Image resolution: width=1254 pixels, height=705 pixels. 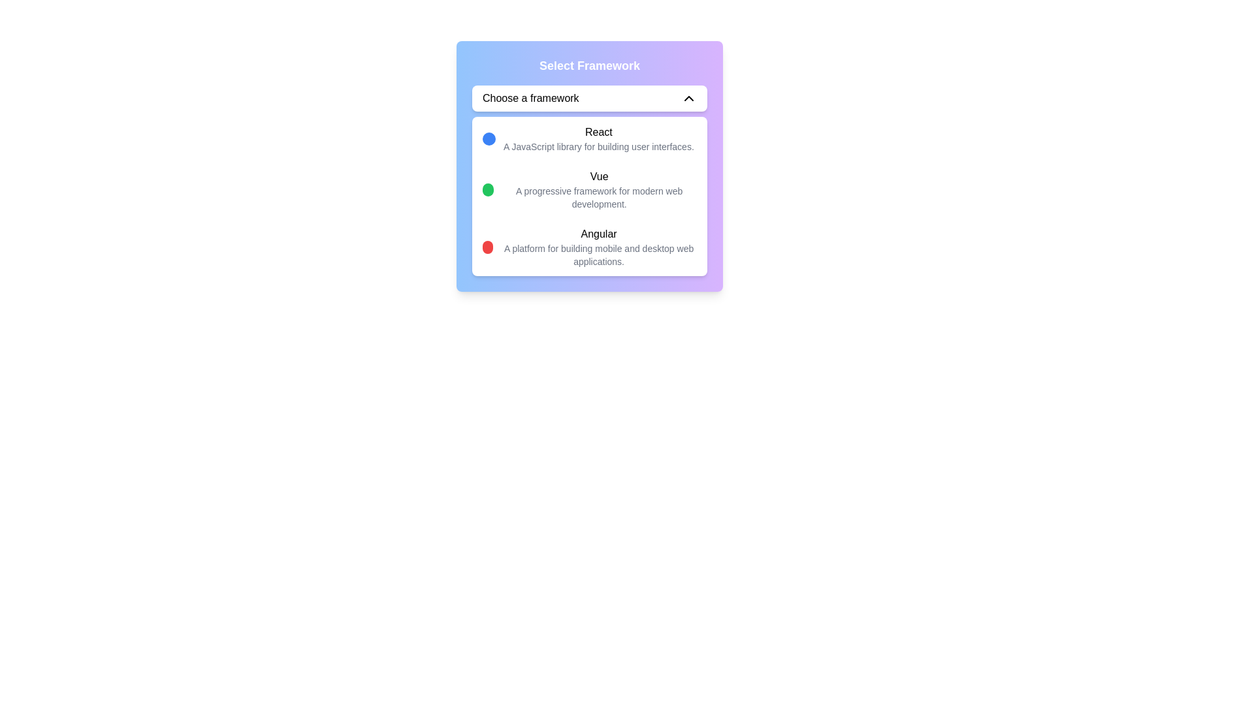 What do you see at coordinates (598, 189) in the screenshot?
I see `the informative text block that represents the Vue framework option in the framework selection menu, located in the middle section of the selectable list` at bounding box center [598, 189].